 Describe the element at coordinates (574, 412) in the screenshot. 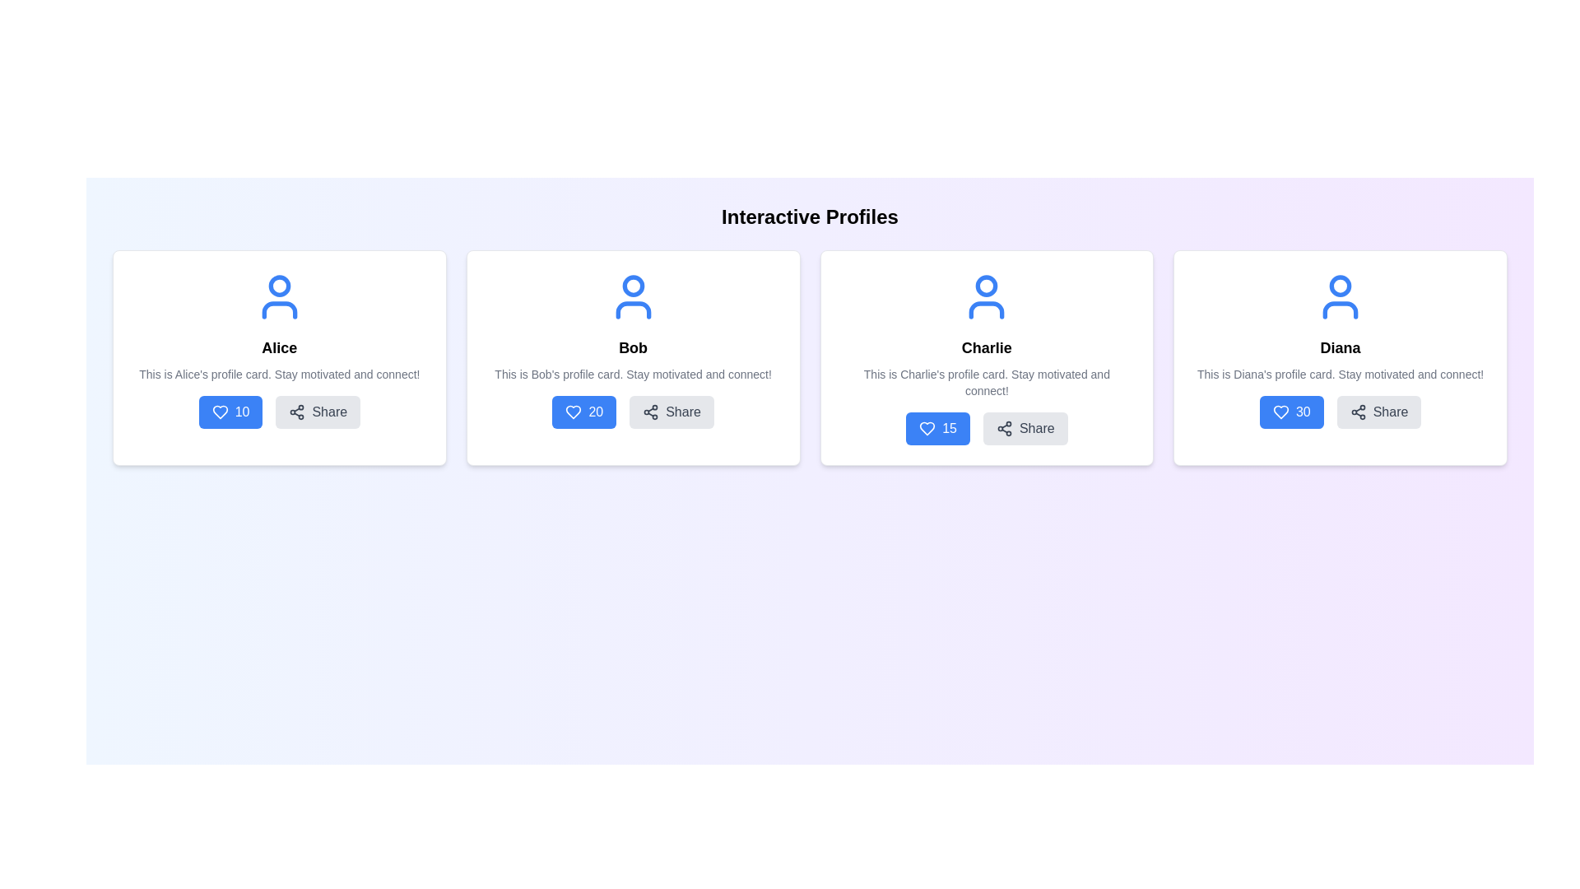

I see `the hollow heart-shaped icon located in the 'Interactive Profiles' section under the card labeled 'Bob' to like or unlike the item` at that location.